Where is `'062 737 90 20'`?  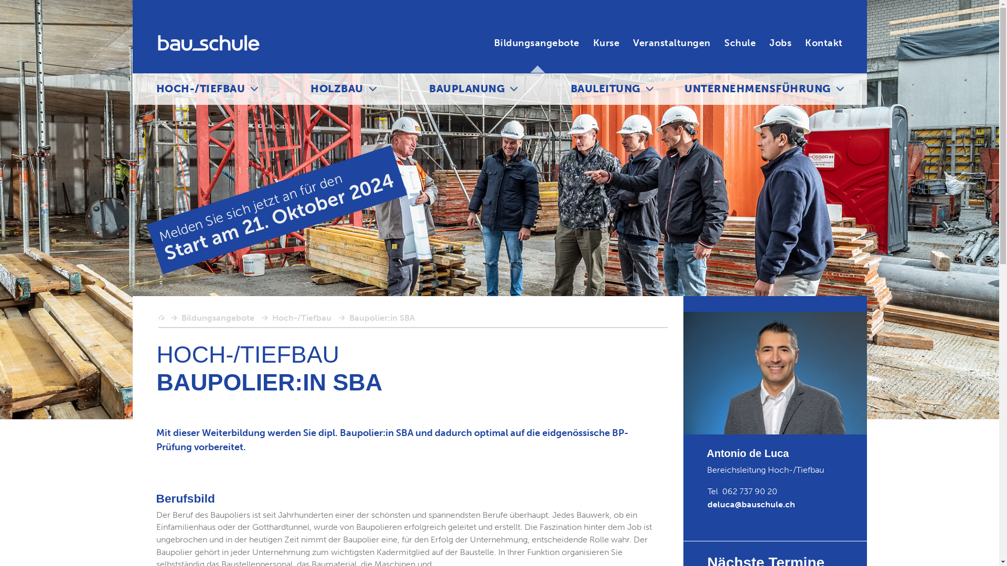 '062 737 90 20' is located at coordinates (749, 491).